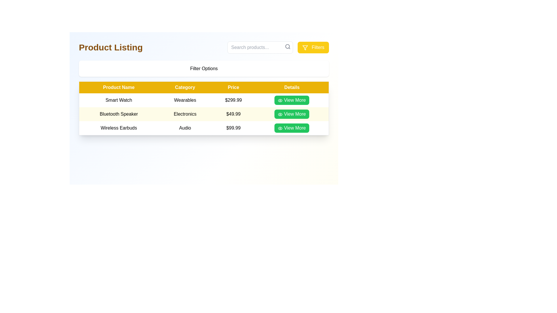  Describe the element at coordinates (204, 47) in the screenshot. I see `the 'Filters' button located in the title bar of the product listing section` at that location.